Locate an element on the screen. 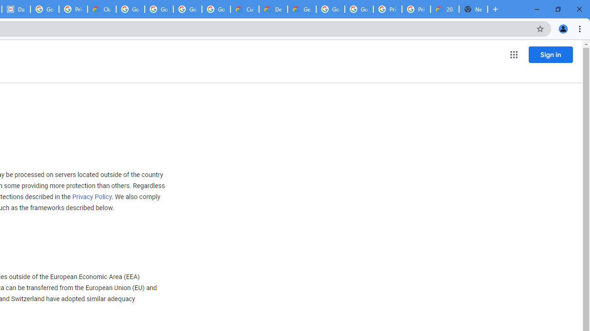 The width and height of the screenshot is (590, 331). 'Gemini for Business and Developers | Google Cloud' is located at coordinates (301, 9).